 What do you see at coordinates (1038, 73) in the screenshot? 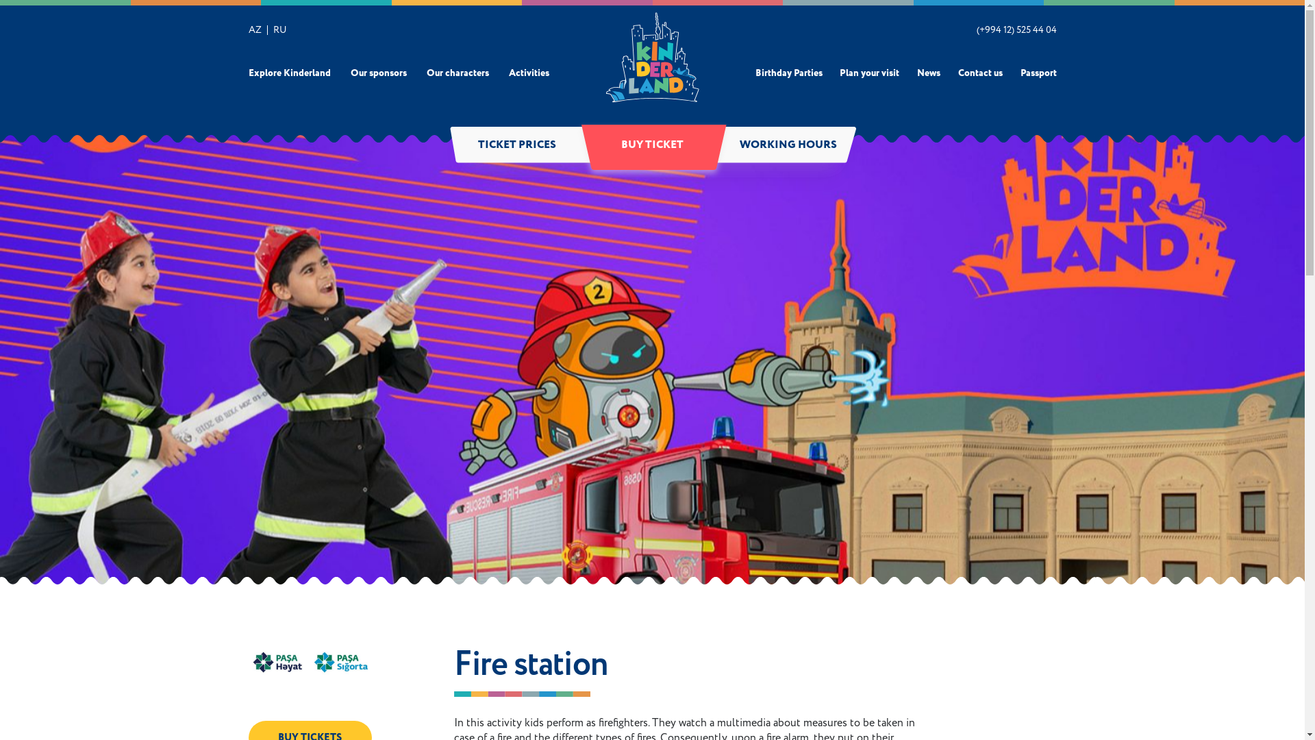
I see `'Passport'` at bounding box center [1038, 73].